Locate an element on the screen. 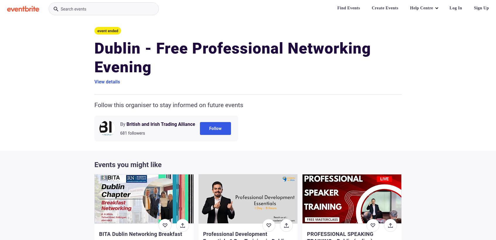 This screenshot has height=240, width=496. 'British and Irish Trading Alliance' is located at coordinates (161, 124).